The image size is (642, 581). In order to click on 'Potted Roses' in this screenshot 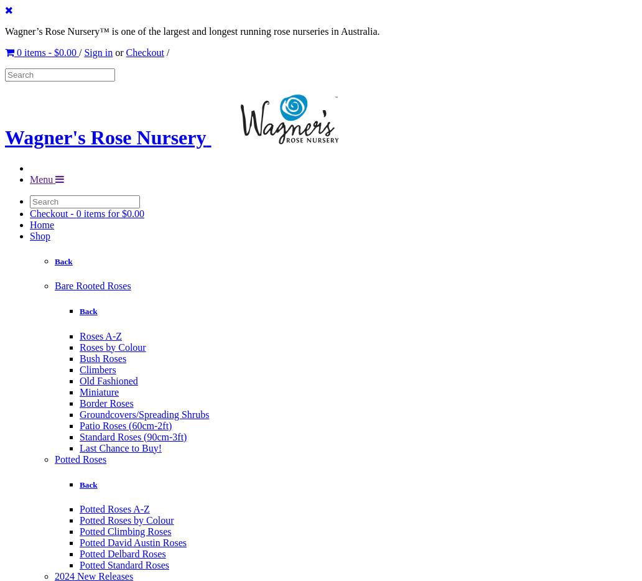, I will do `click(80, 458)`.